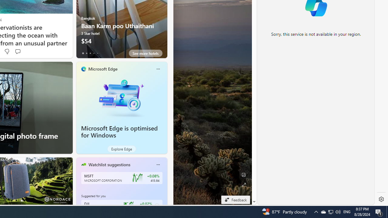 This screenshot has width=388, height=218. What do you see at coordinates (158, 164) in the screenshot?
I see `'More options'` at bounding box center [158, 164].